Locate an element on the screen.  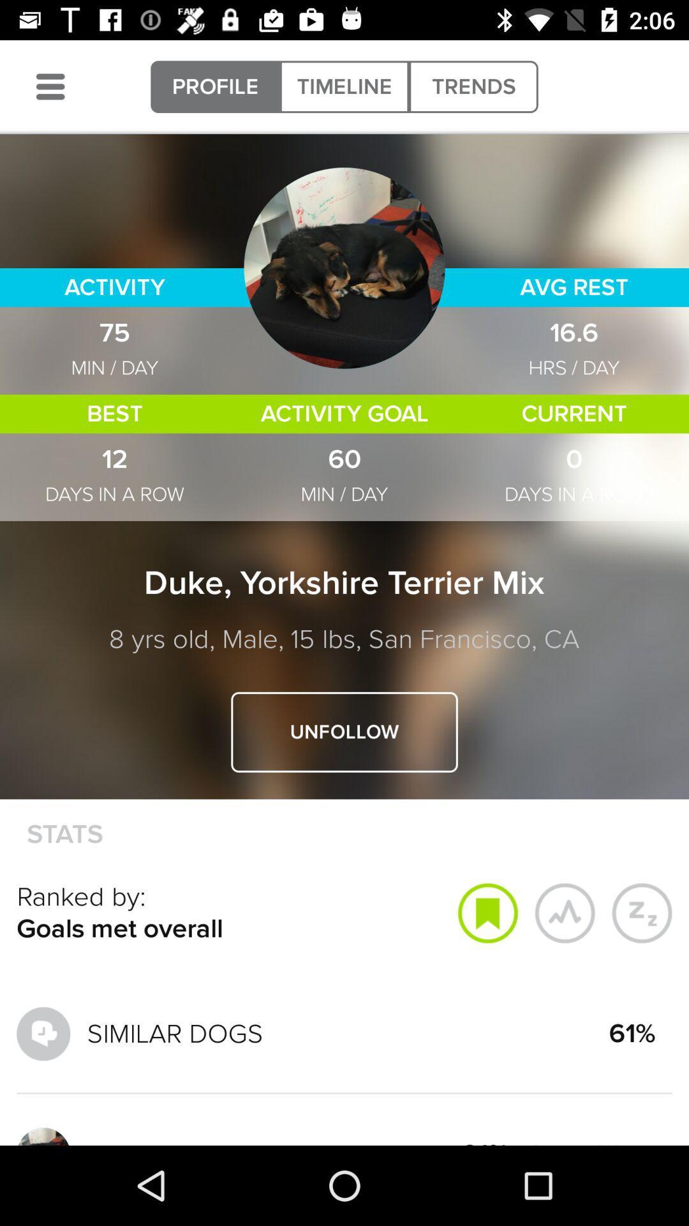
the menu icon is located at coordinates (50, 86).